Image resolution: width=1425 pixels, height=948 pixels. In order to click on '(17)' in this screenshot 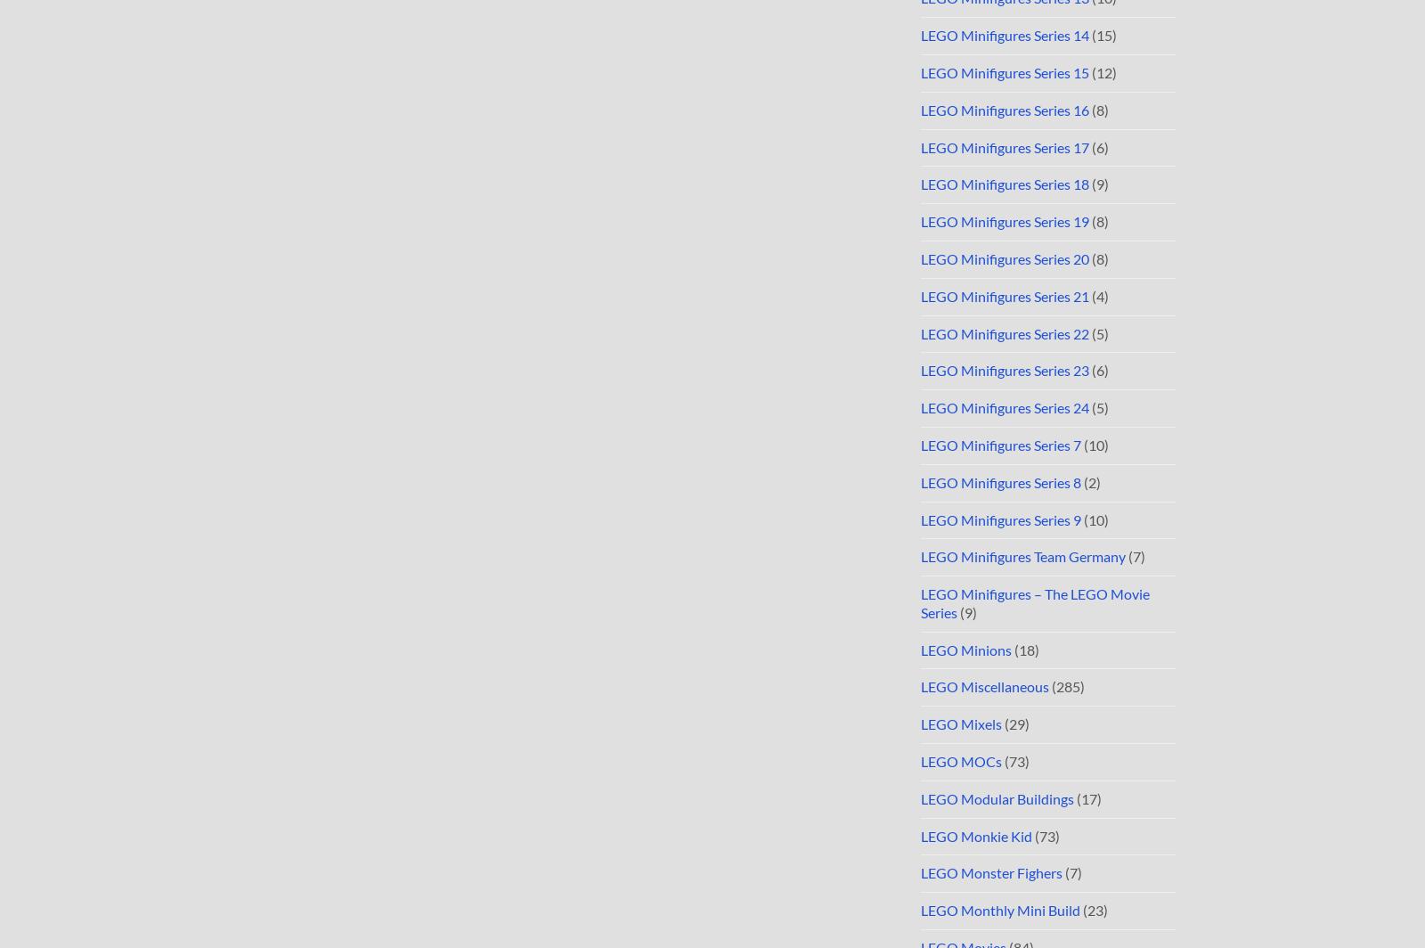, I will do `click(1087, 797)`.